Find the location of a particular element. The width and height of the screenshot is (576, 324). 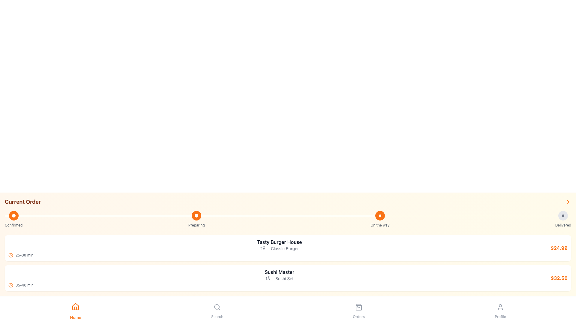

the small white circular shape that represents the 'Preparing' status in the order progress tracker, which is centered within a larger orange circular component is located at coordinates (196, 215).